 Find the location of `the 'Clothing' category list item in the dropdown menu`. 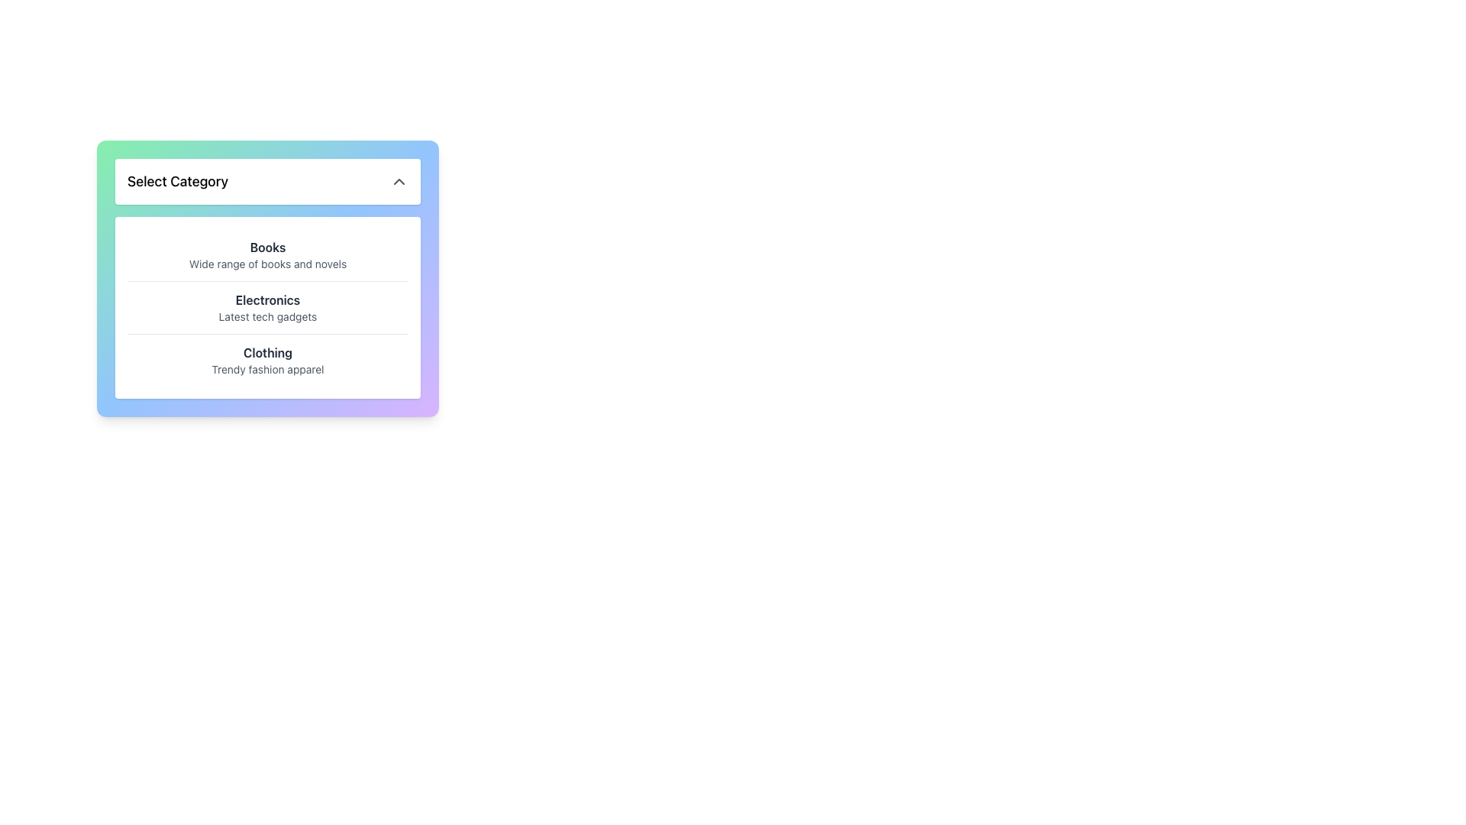

the 'Clothing' category list item in the dropdown menu is located at coordinates (267, 360).